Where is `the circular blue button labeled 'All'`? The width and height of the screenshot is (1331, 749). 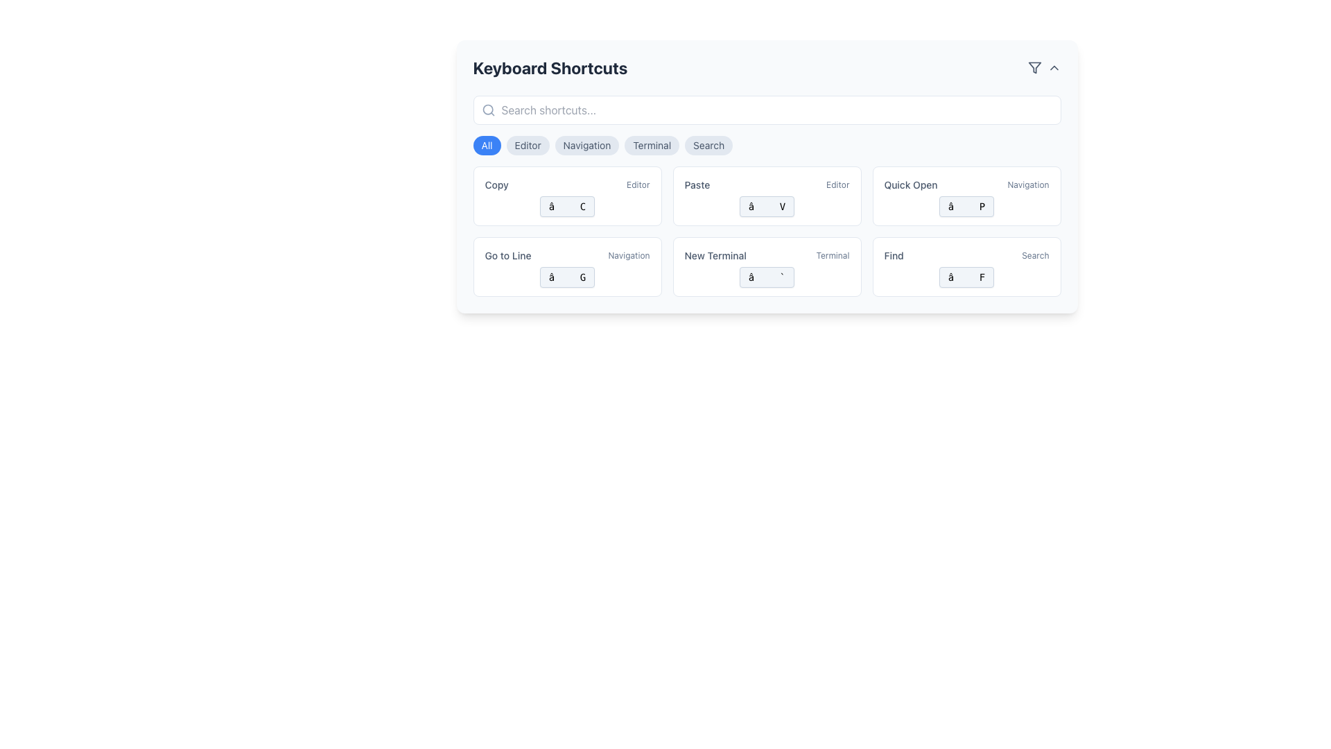 the circular blue button labeled 'All' is located at coordinates (486, 145).